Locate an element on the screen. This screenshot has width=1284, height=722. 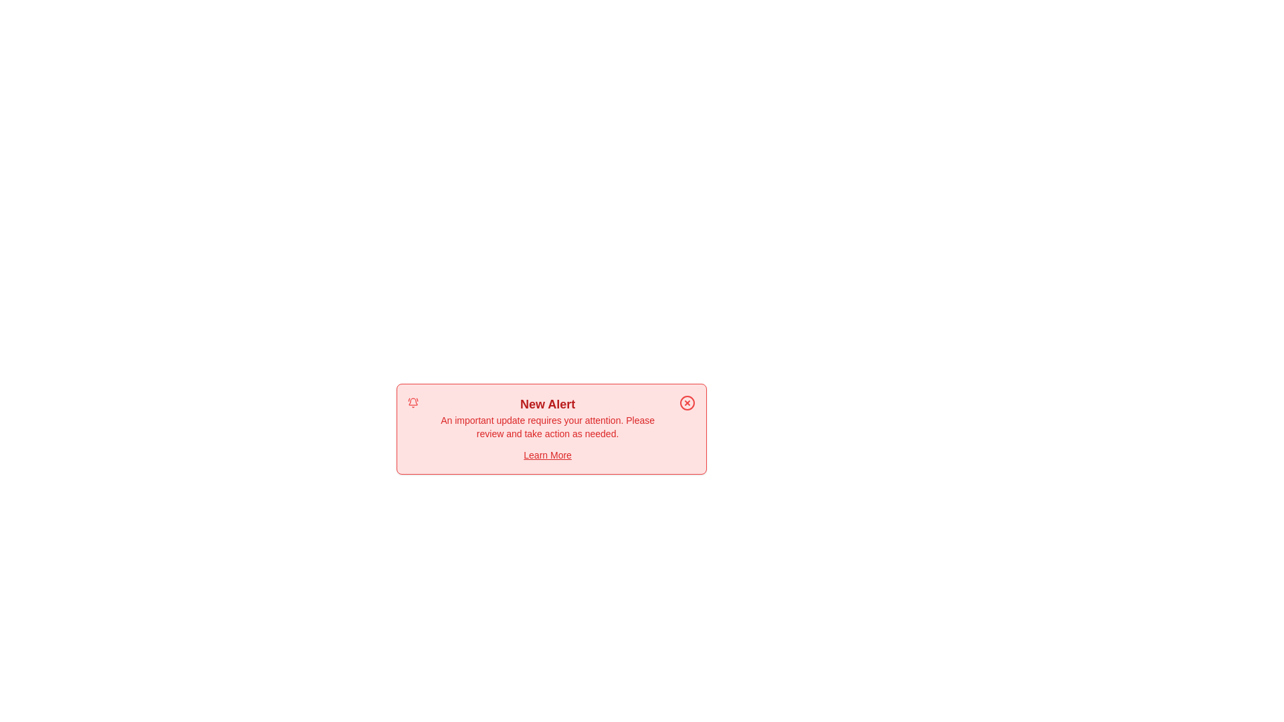
the alert icon (bell) is located at coordinates (413, 402).